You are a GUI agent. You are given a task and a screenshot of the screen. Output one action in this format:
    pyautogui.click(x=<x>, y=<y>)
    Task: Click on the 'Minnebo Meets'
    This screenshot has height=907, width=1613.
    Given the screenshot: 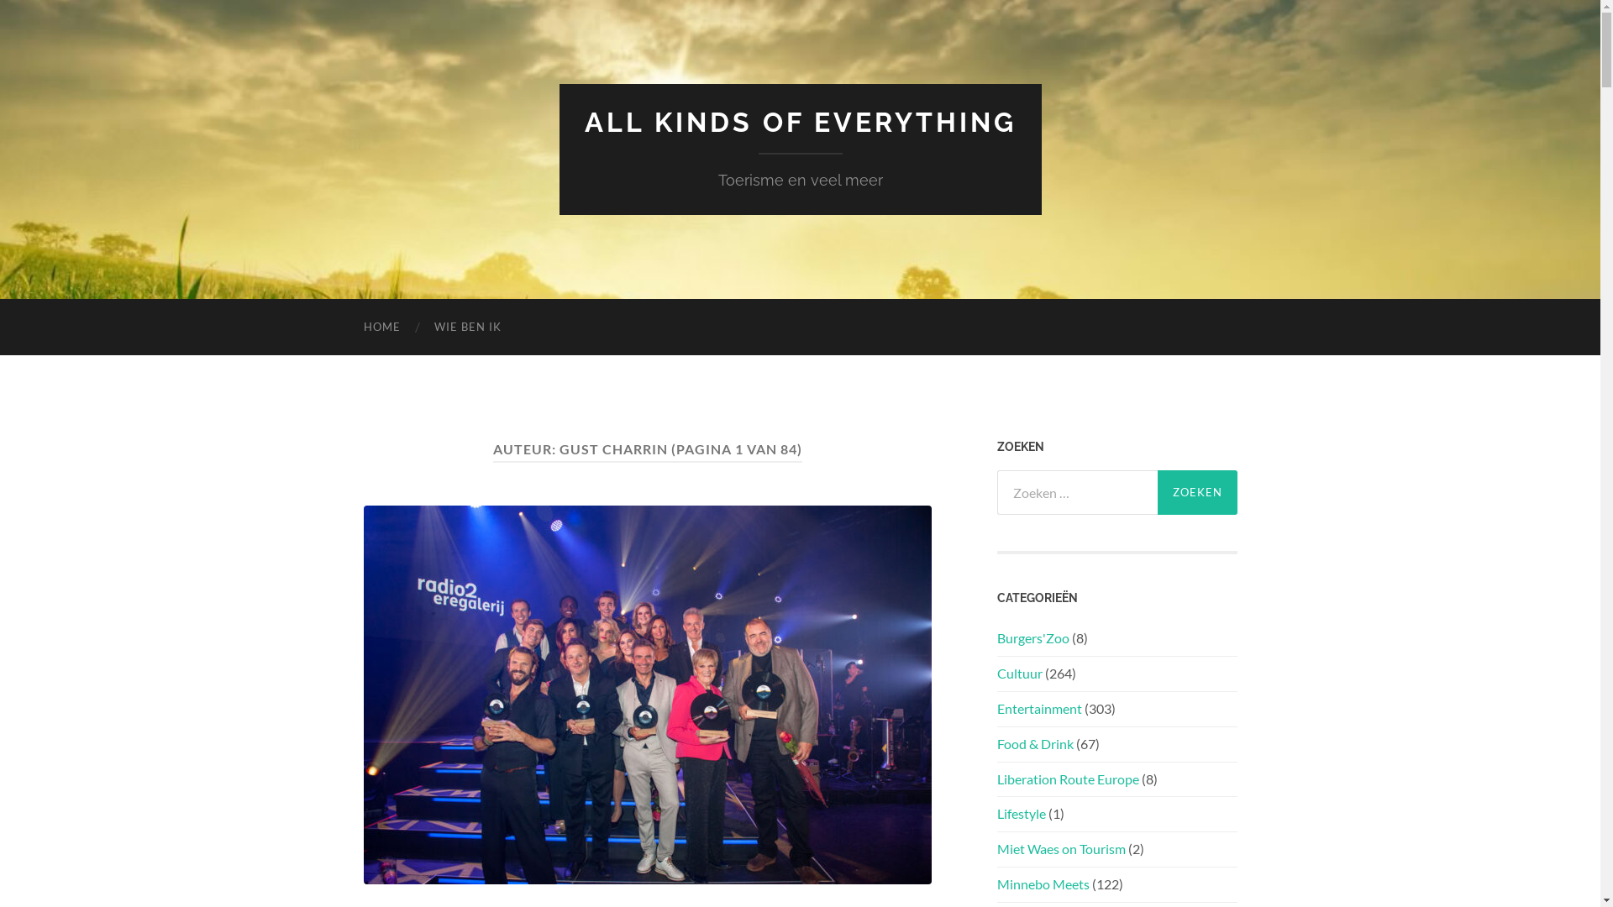 What is the action you would take?
    pyautogui.click(x=1042, y=883)
    